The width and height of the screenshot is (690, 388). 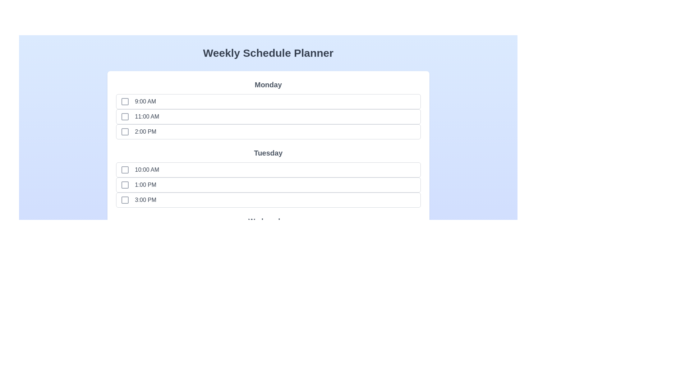 What do you see at coordinates (125, 185) in the screenshot?
I see `the time slot Tuesday at 1:00 PM` at bounding box center [125, 185].